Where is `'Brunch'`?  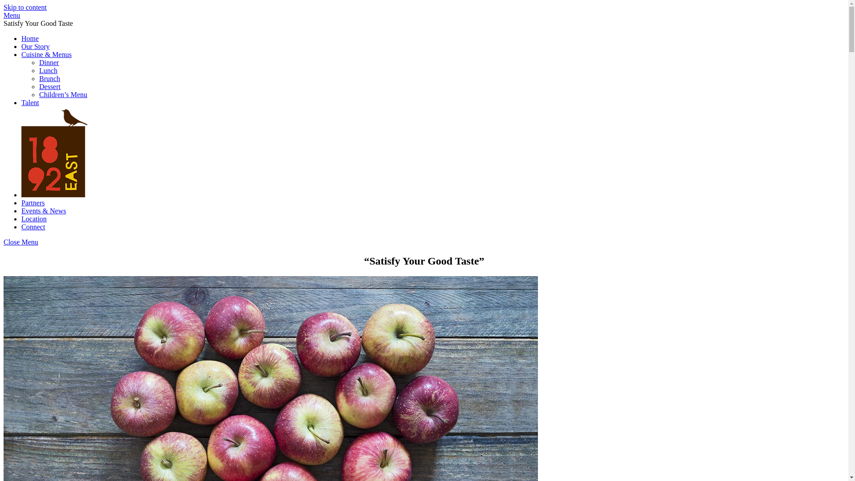
'Brunch' is located at coordinates (49, 78).